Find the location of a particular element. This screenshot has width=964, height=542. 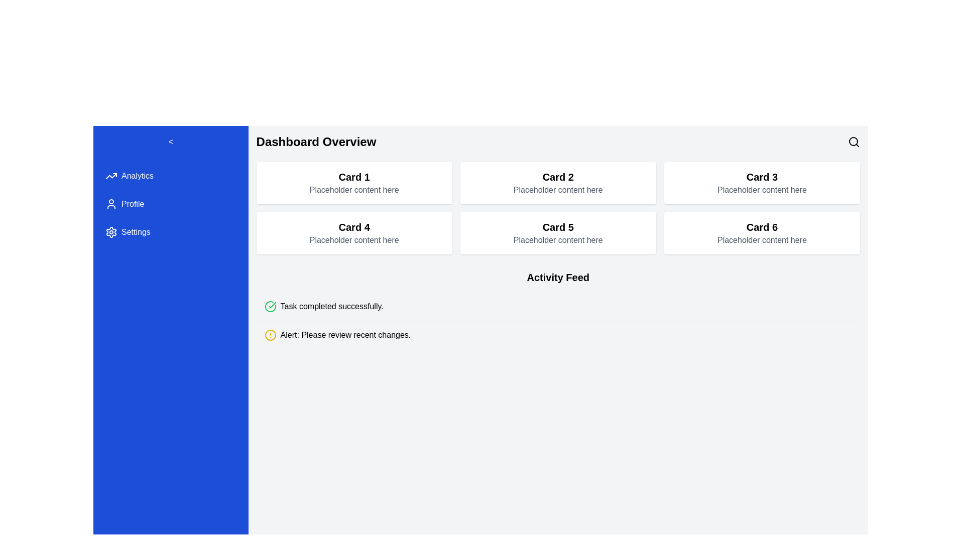

the 'Settings' icon located in the vertical navigation menu on the left-hand side of the interface is located at coordinates (111, 232).